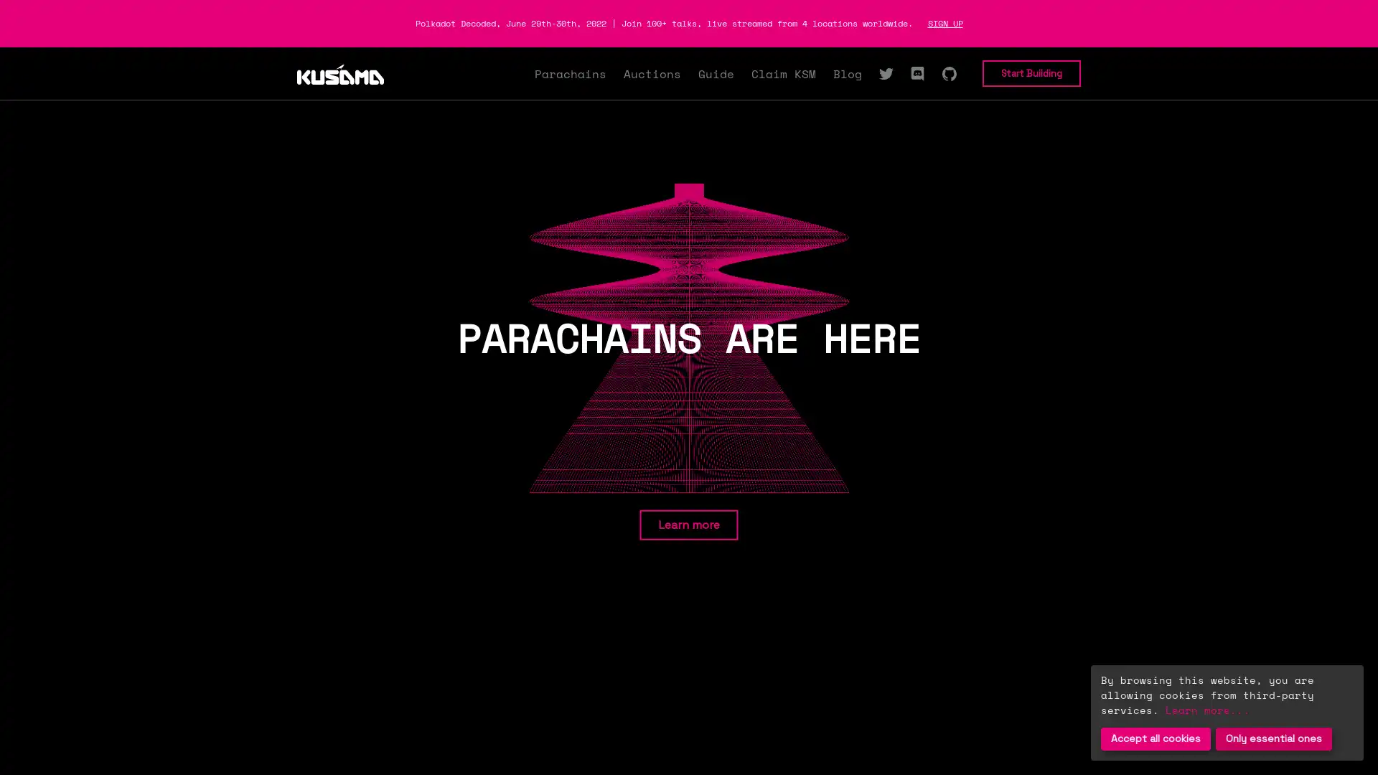 The height and width of the screenshot is (775, 1378). I want to click on Accept all cookies, so click(1156, 738).